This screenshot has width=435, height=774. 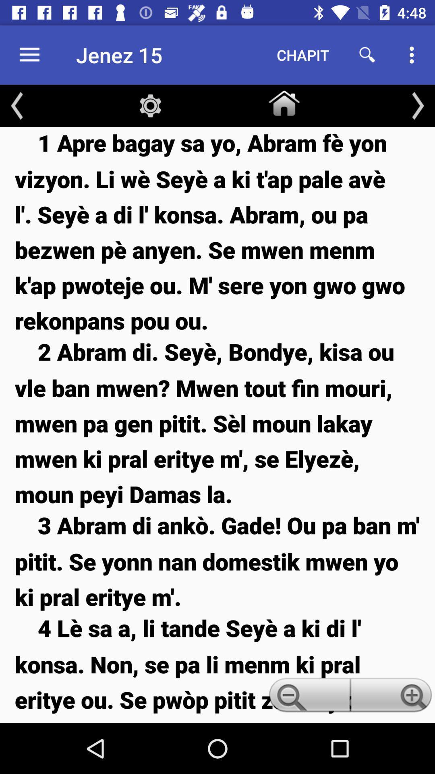 What do you see at coordinates (417, 105) in the screenshot?
I see `the arrow_forward icon` at bounding box center [417, 105].